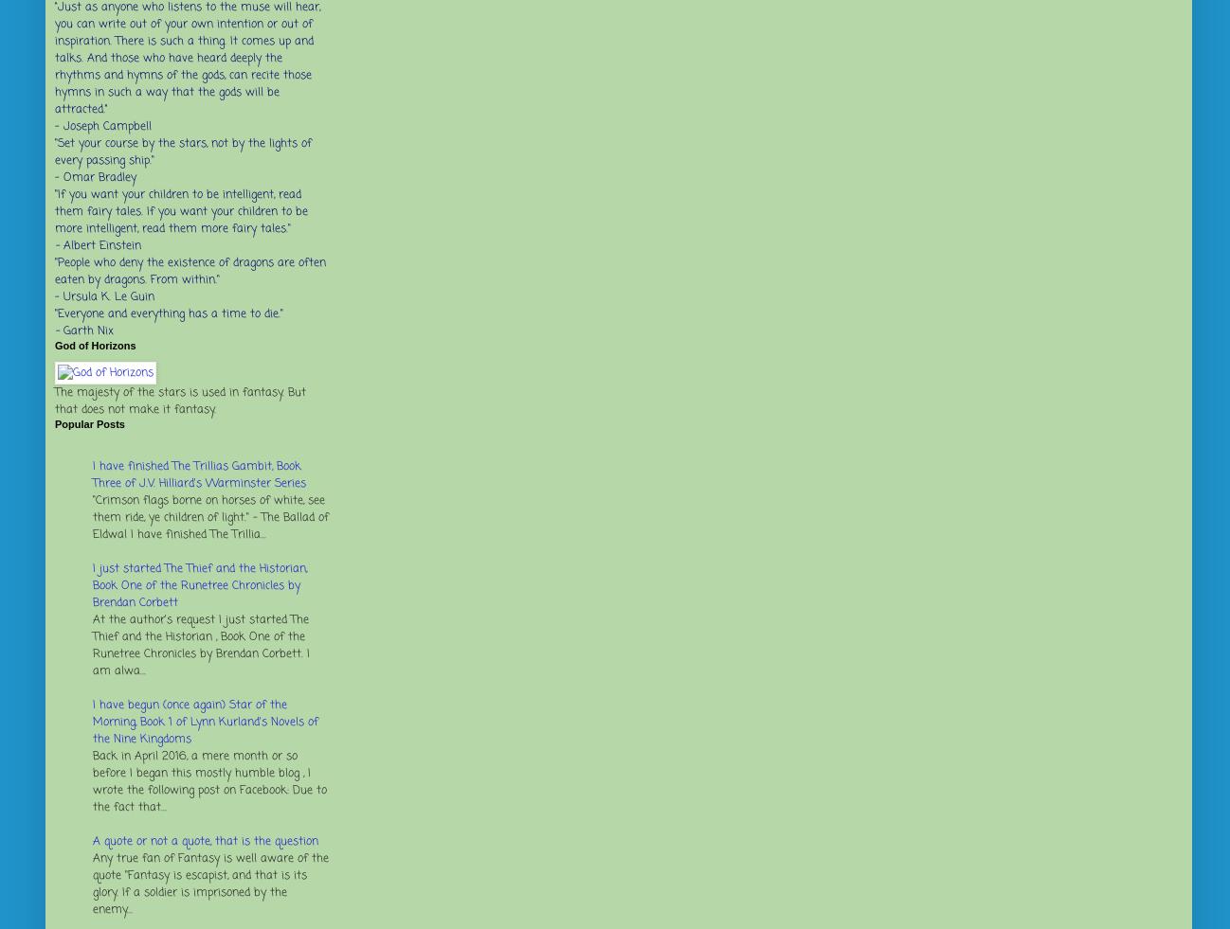  I want to click on '"People who deny the existence of dragons are often eaten by dragons. From within."', so click(190, 271).